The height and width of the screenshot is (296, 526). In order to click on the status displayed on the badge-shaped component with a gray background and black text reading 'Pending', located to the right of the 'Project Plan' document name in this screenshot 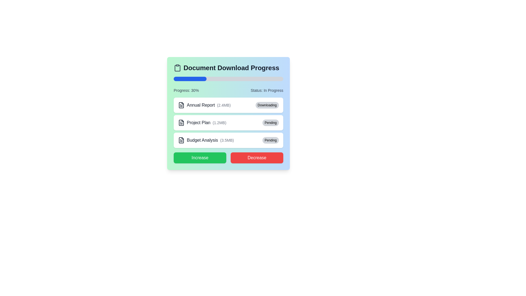, I will do `click(271, 122)`.